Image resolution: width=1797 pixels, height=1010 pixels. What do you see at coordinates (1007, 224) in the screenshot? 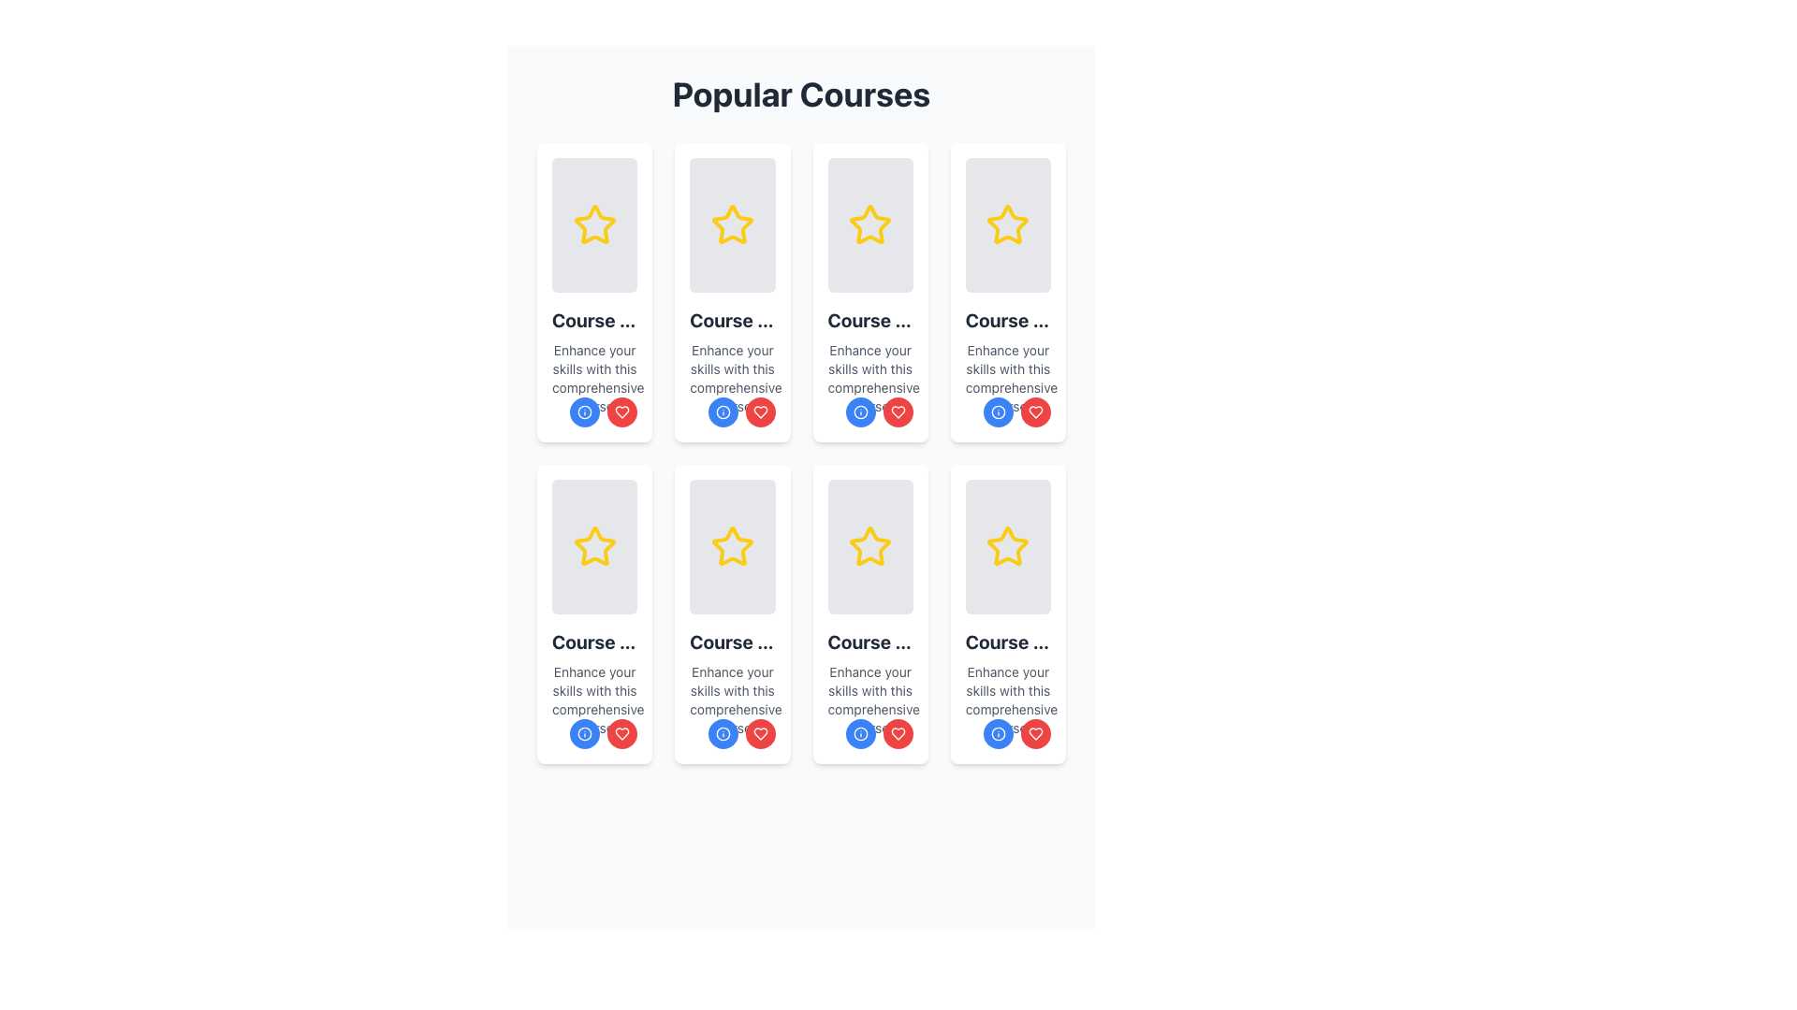
I see `the star icon located at the top-center of the fourth course card in the first row` at bounding box center [1007, 224].